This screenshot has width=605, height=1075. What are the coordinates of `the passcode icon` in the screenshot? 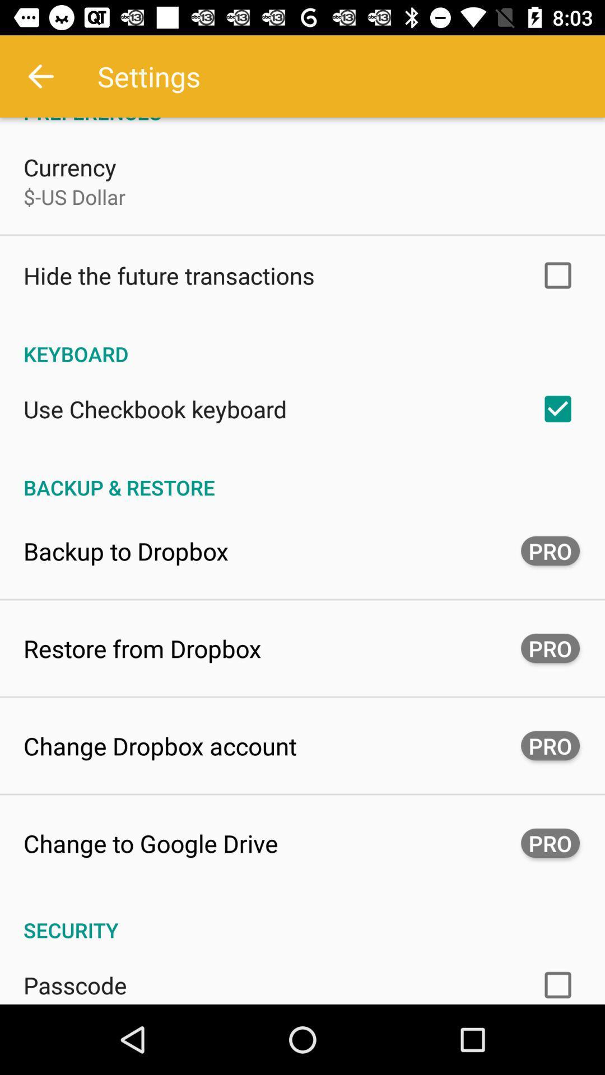 It's located at (75, 984).